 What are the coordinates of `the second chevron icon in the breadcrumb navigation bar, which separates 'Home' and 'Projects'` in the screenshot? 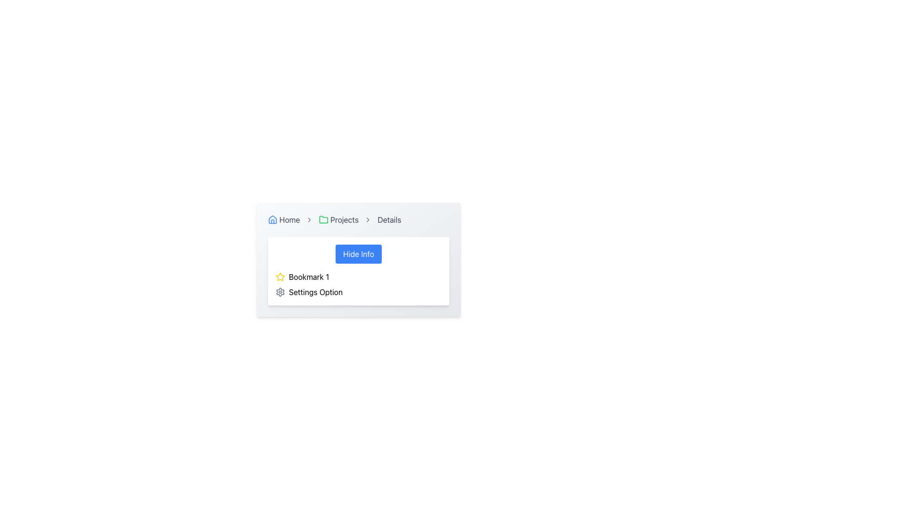 It's located at (309, 220).